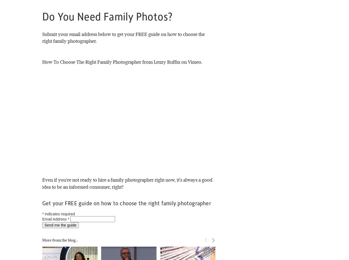 Image resolution: width=349 pixels, height=260 pixels. I want to click on 'Lenzy Ruffin', so click(167, 62).